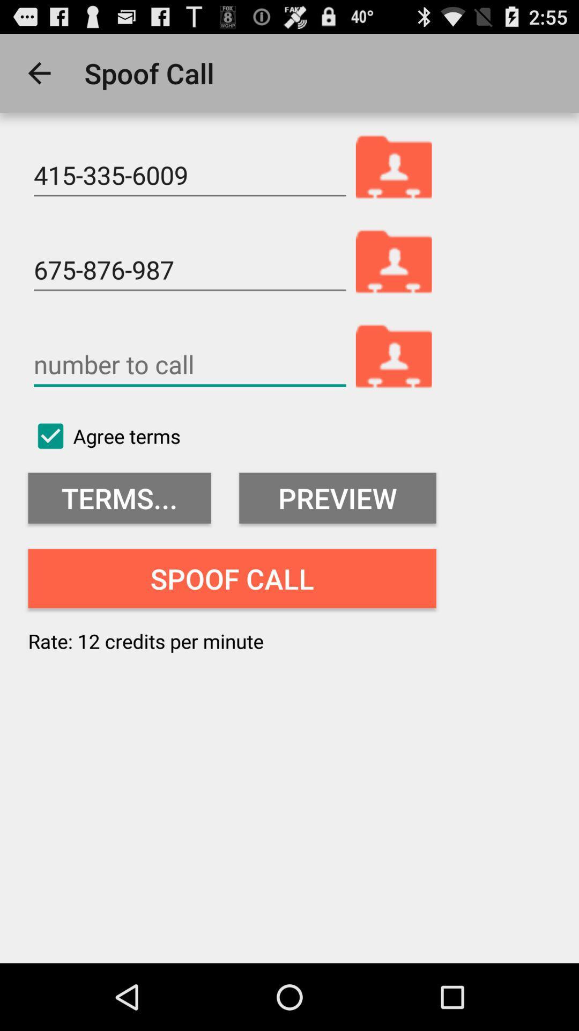 The image size is (579, 1031). I want to click on terms... icon, so click(120, 497).